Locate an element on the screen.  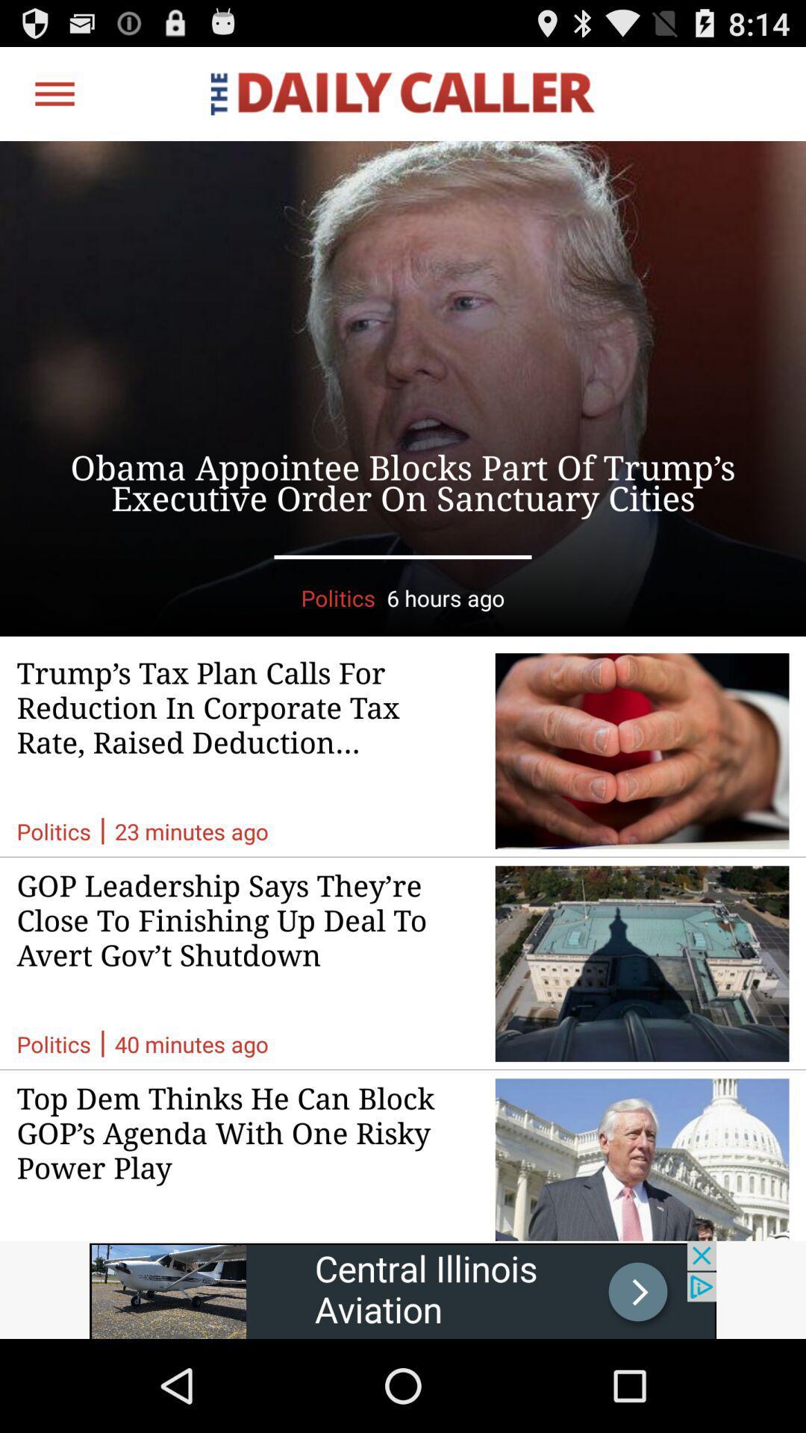
opens the article is located at coordinates (403, 388).